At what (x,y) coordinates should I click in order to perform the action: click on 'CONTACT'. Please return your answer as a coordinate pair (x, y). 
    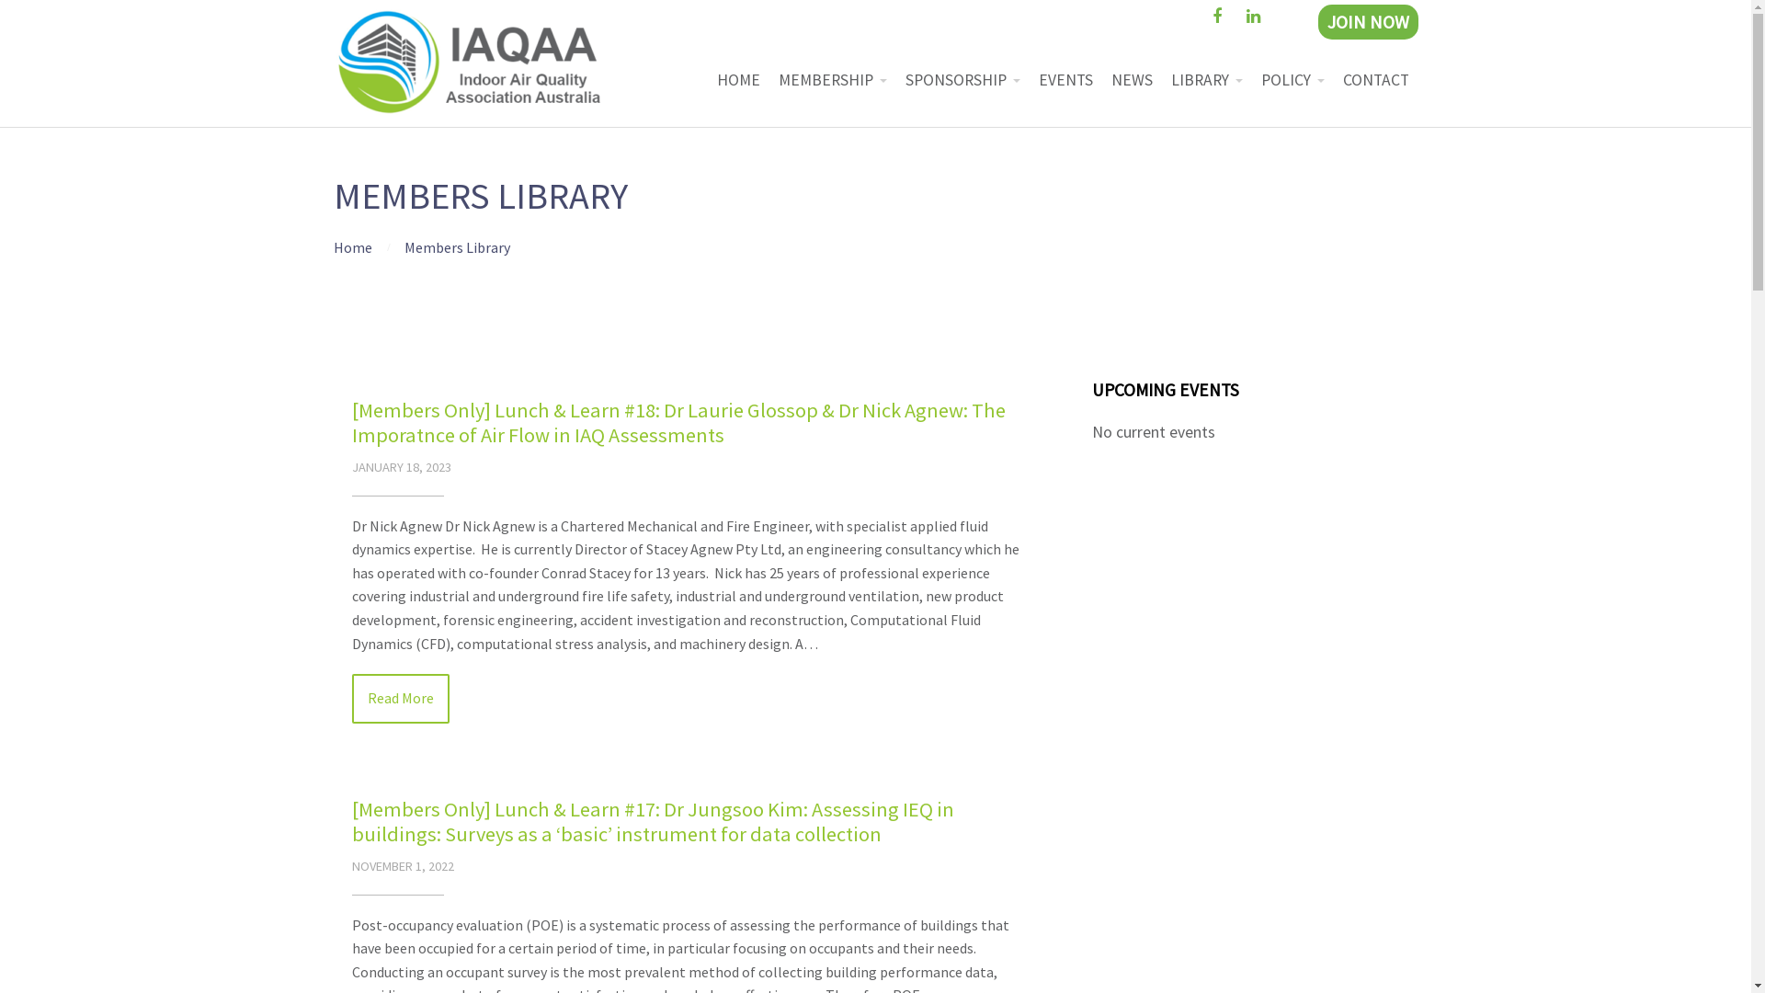
    Looking at the image, I should click on (1375, 79).